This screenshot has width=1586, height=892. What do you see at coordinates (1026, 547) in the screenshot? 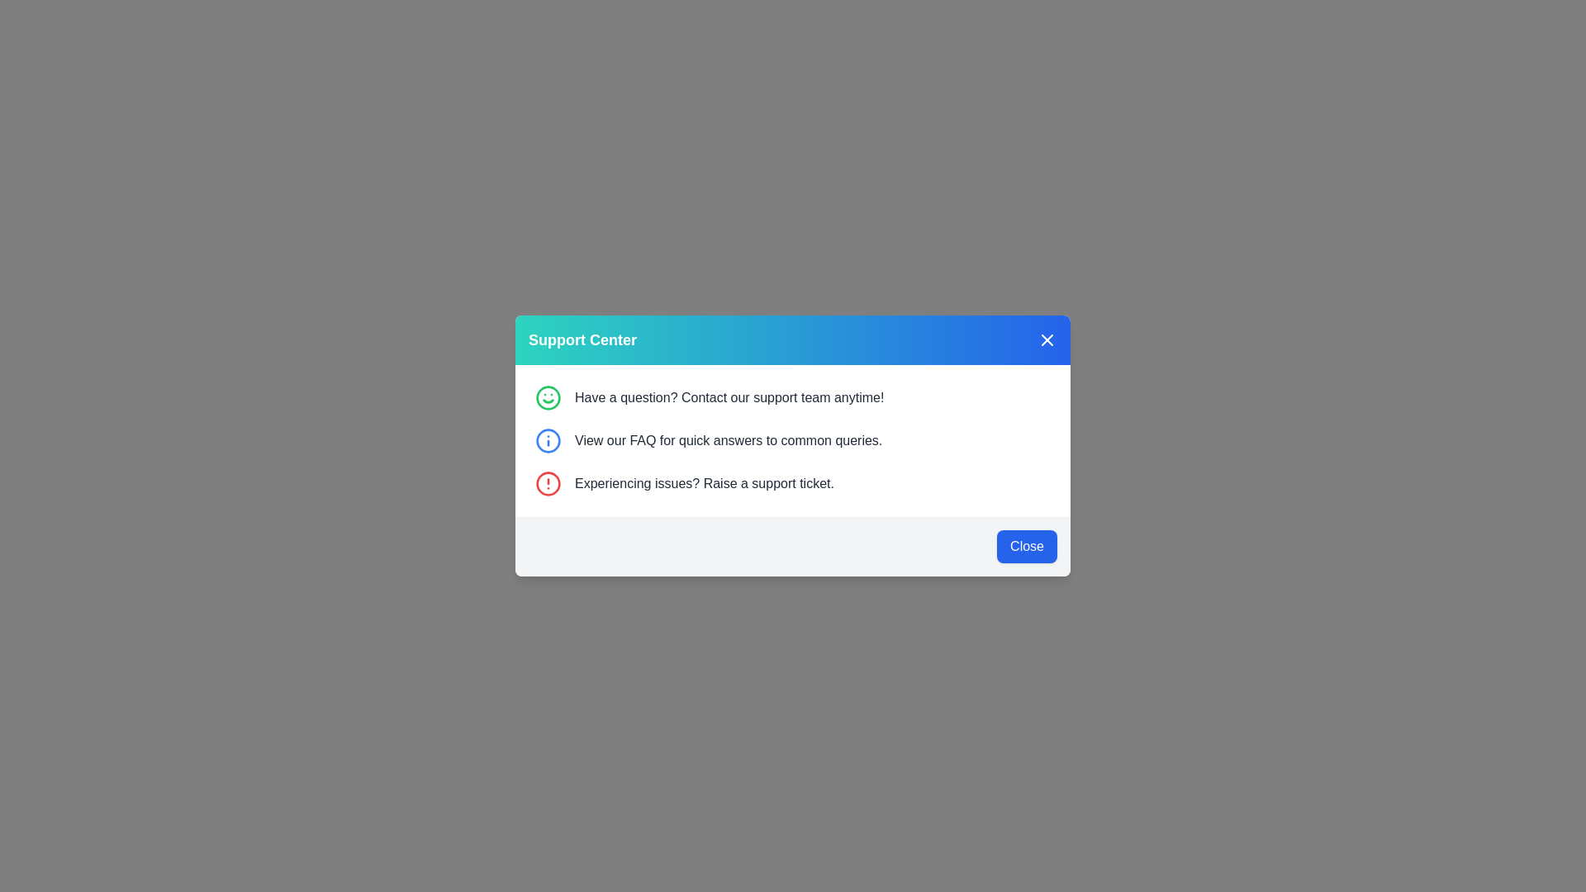
I see `the blue 'Close' button with rounded corners located at the bottom-right corner of the modal dialog` at bounding box center [1026, 547].